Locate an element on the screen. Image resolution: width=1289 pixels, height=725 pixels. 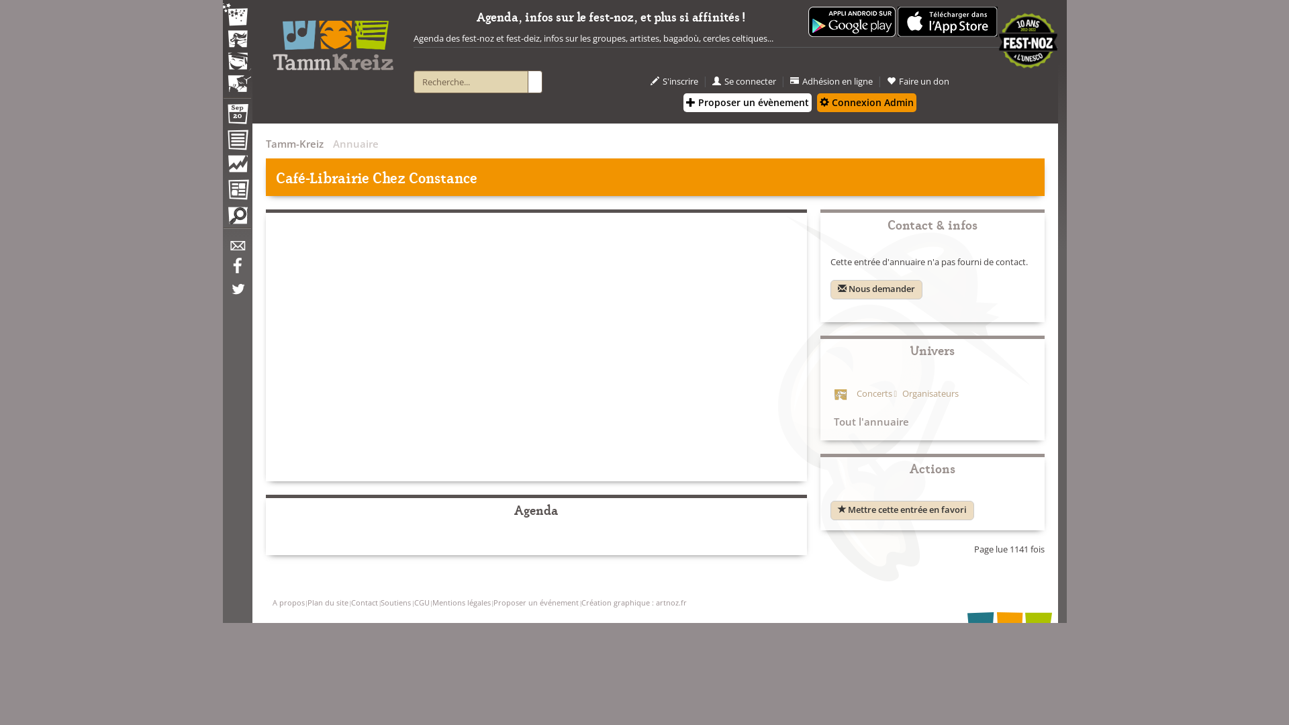
'A propos' is located at coordinates (272, 601).